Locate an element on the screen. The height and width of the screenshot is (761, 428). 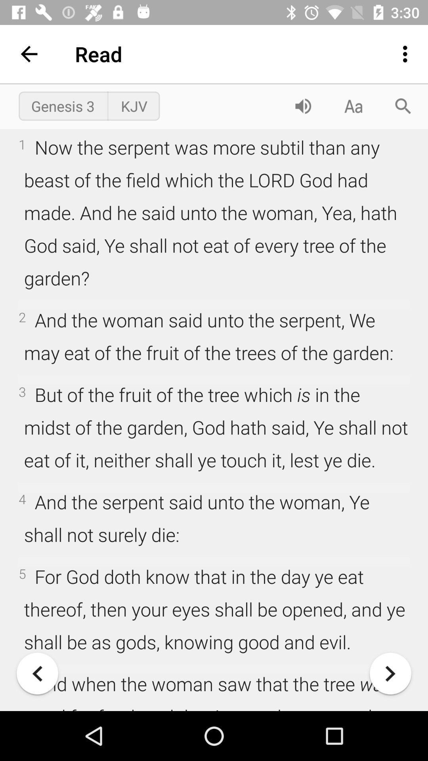
the arrow_forward icon is located at coordinates (390, 673).